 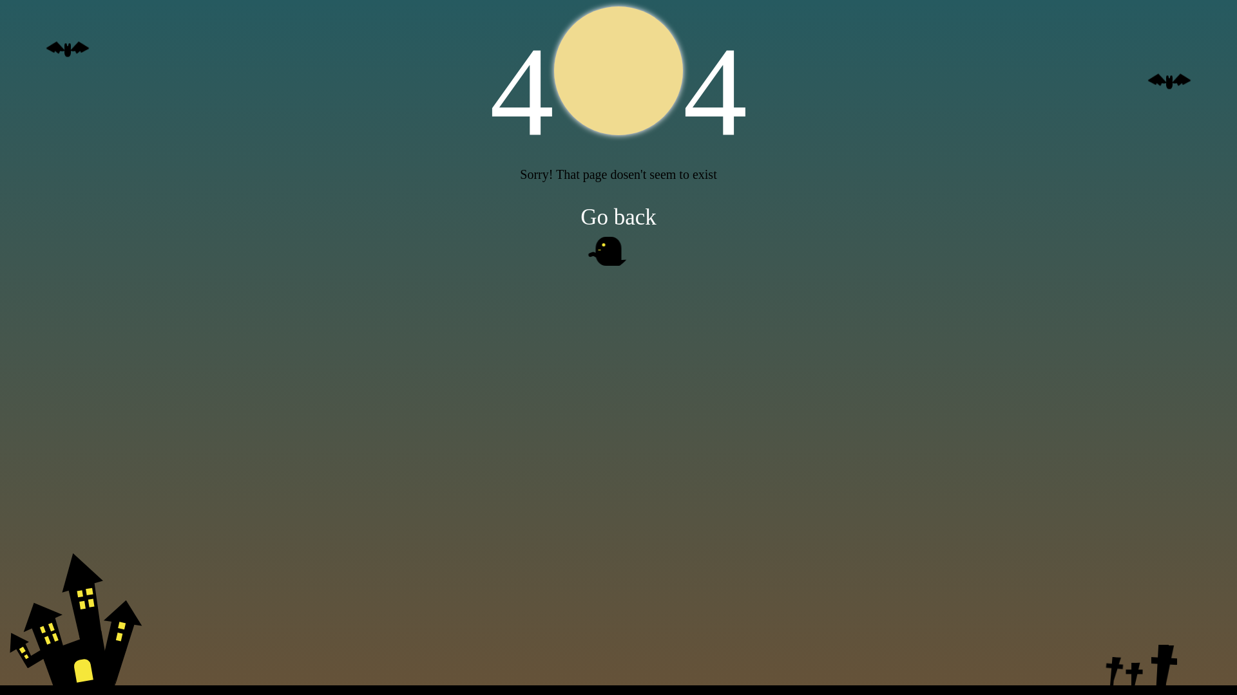 What do you see at coordinates (569, 215) in the screenshot?
I see `'Go back'` at bounding box center [569, 215].